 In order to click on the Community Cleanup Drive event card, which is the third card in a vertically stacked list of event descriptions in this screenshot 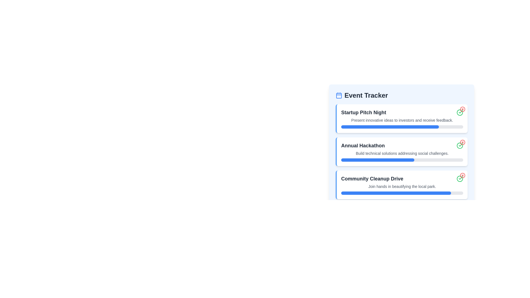, I will do `click(401, 185)`.